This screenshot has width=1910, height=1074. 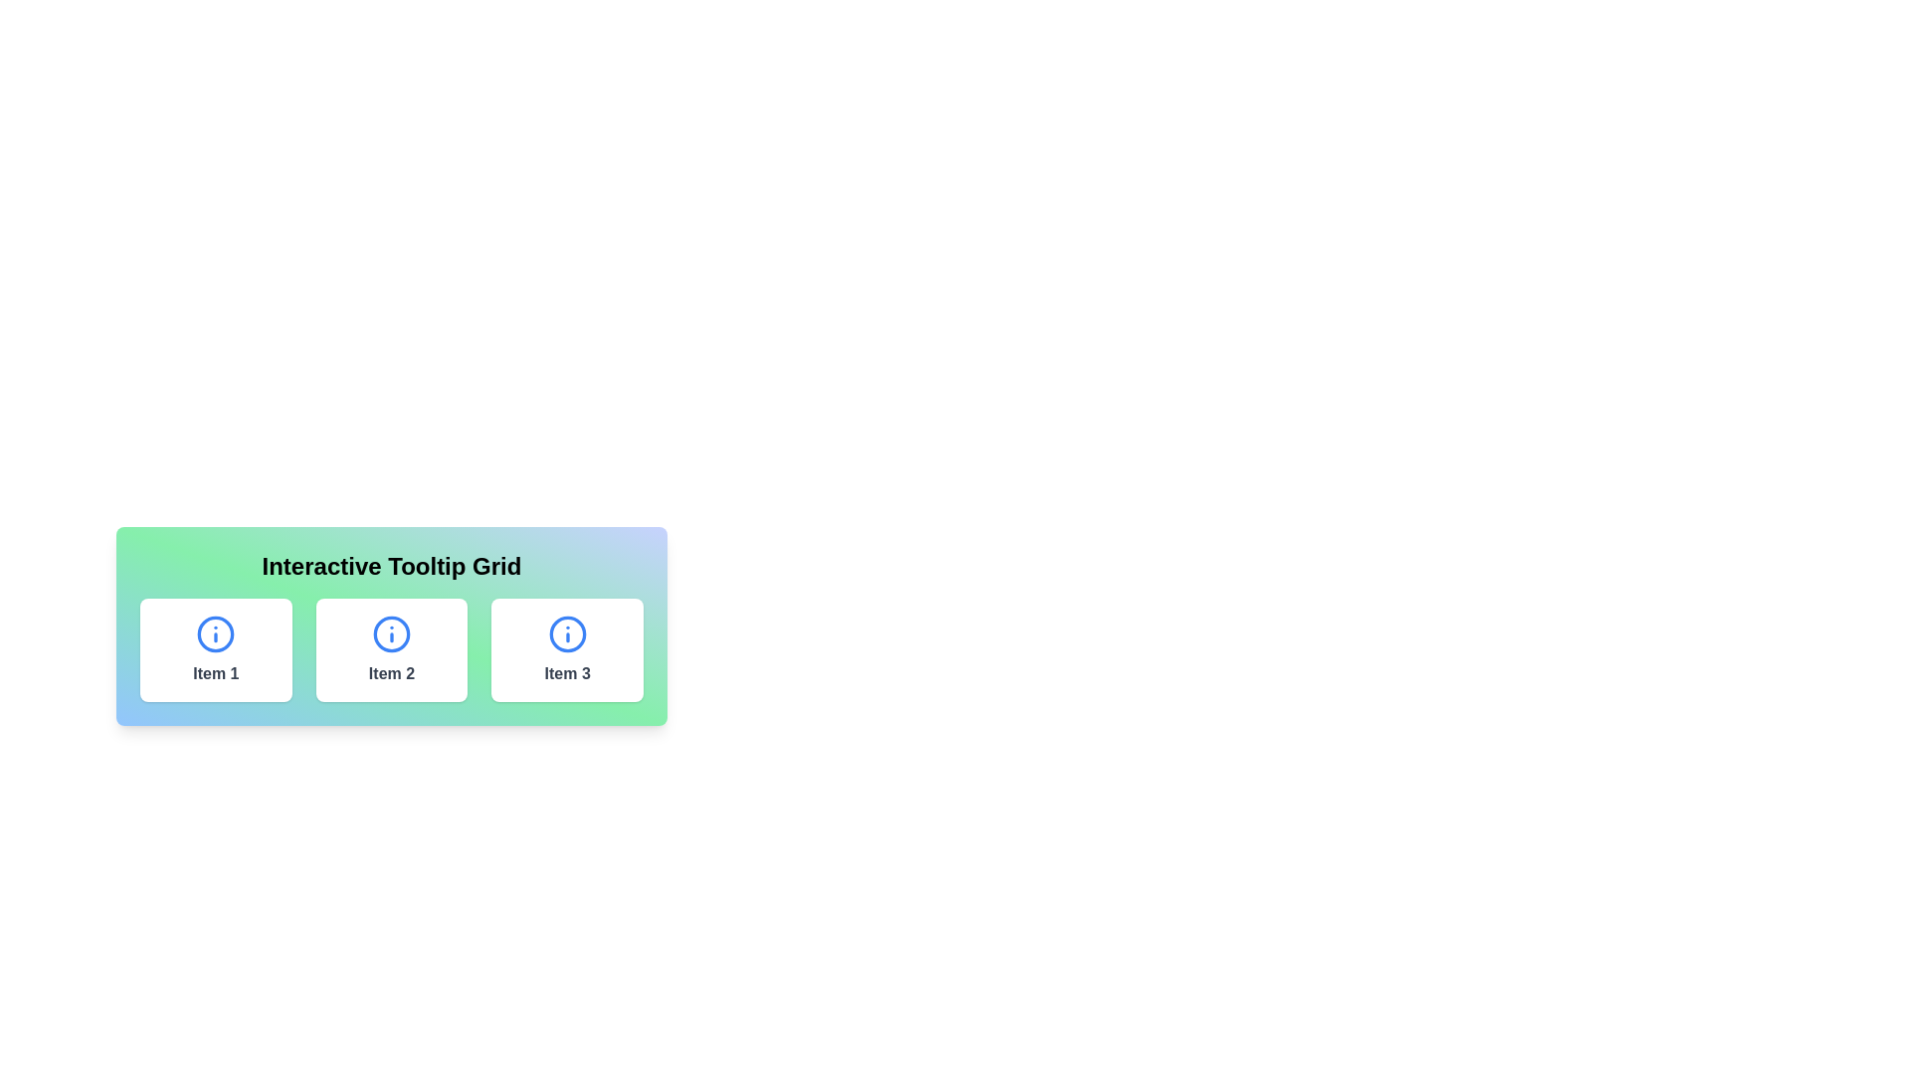 What do you see at coordinates (566, 633) in the screenshot?
I see `the blue circular SVG element located in the center of the third column of the grid` at bounding box center [566, 633].